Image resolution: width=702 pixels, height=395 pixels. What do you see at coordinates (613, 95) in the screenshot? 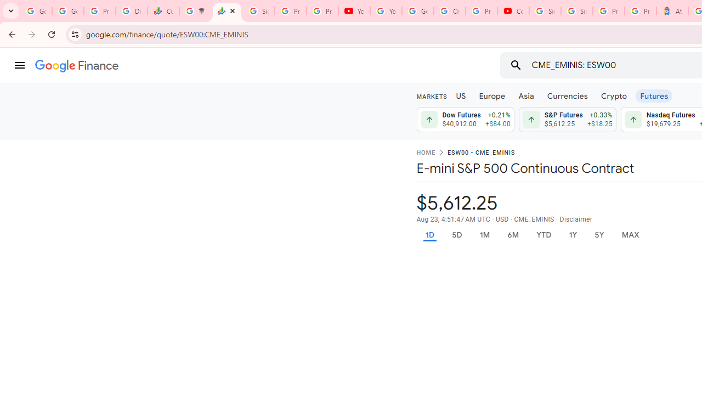
I see `'Crypto'` at bounding box center [613, 95].